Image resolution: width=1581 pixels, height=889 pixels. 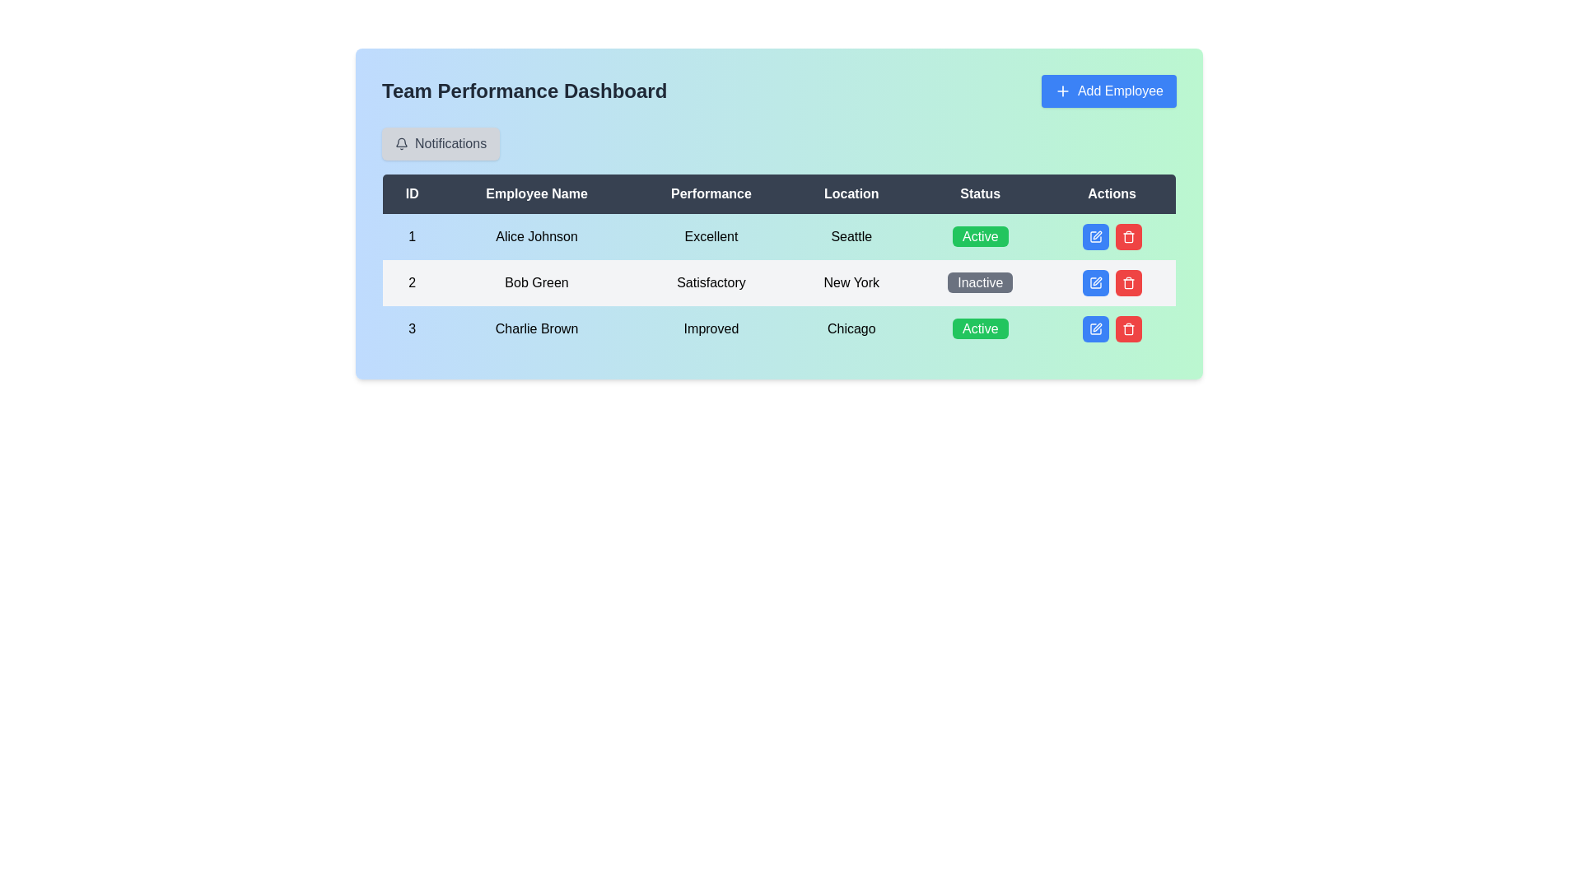 What do you see at coordinates (1108, 91) in the screenshot?
I see `the blue rectangular button labeled 'Add Employee' with a plus icon on its left, located in the top-right corner of the interface` at bounding box center [1108, 91].